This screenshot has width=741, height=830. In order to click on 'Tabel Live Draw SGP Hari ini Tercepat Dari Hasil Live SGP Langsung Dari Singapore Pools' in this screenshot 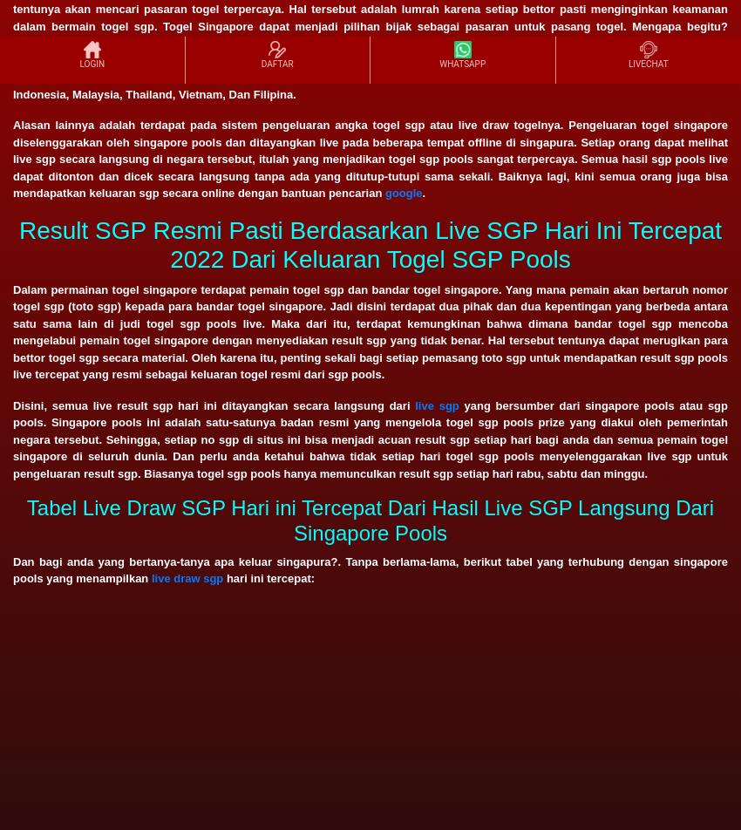, I will do `click(370, 520)`.